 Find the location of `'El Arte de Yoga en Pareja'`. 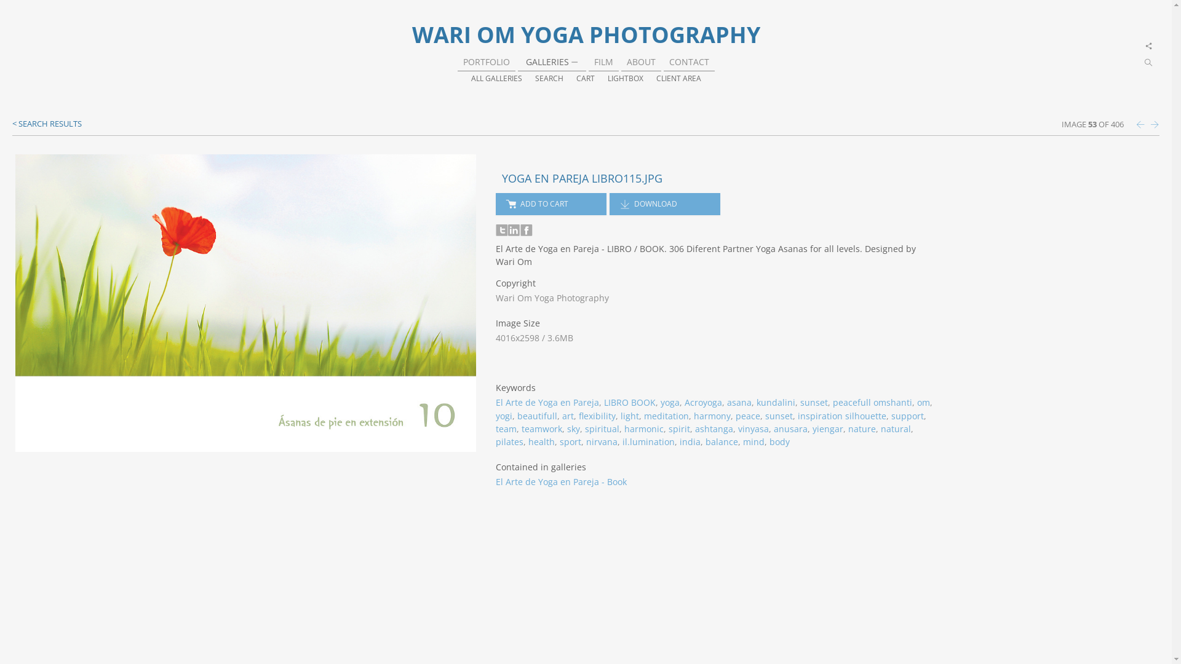

'El Arte de Yoga en Pareja' is located at coordinates (546, 402).